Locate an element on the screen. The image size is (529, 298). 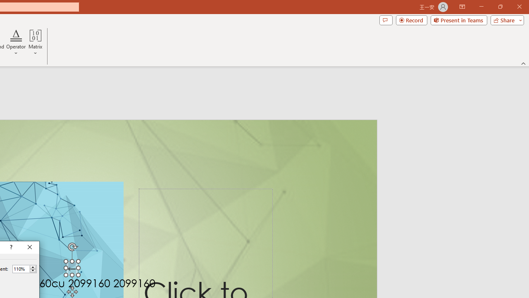
'Context help' is located at coordinates (10, 247).